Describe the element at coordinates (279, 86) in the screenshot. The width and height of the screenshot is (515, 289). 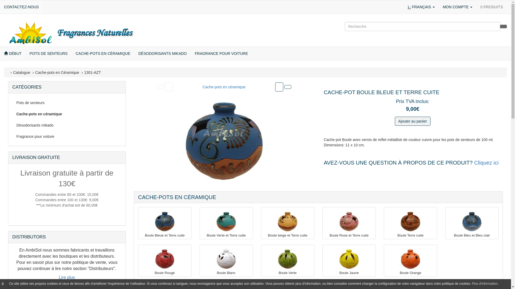
I see `'Prochain'` at that location.